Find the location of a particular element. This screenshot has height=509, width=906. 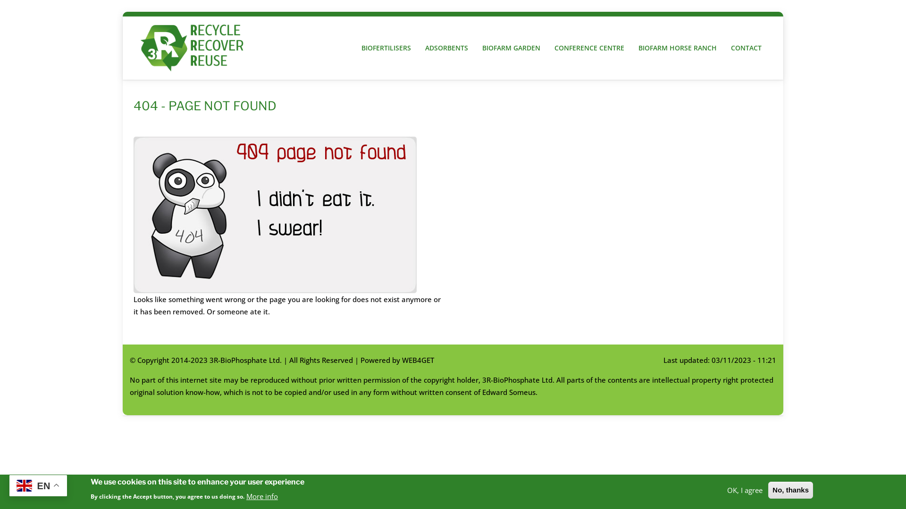

'BIOFARM GARDEN' is located at coordinates (511, 48).